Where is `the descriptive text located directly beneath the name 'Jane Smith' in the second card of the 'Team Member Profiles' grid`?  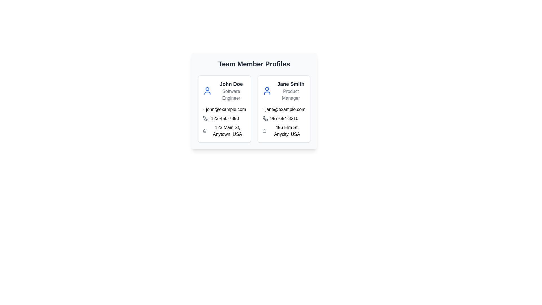
the descriptive text located directly beneath the name 'Jane Smith' in the second card of the 'Team Member Profiles' grid is located at coordinates (291, 94).